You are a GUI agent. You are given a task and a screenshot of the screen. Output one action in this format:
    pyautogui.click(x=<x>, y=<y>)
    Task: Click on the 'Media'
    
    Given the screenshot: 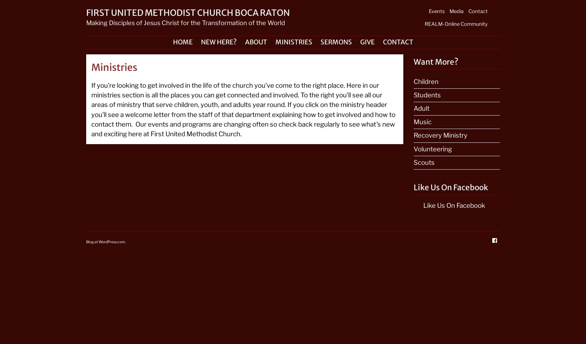 What is the action you would take?
    pyautogui.click(x=456, y=11)
    